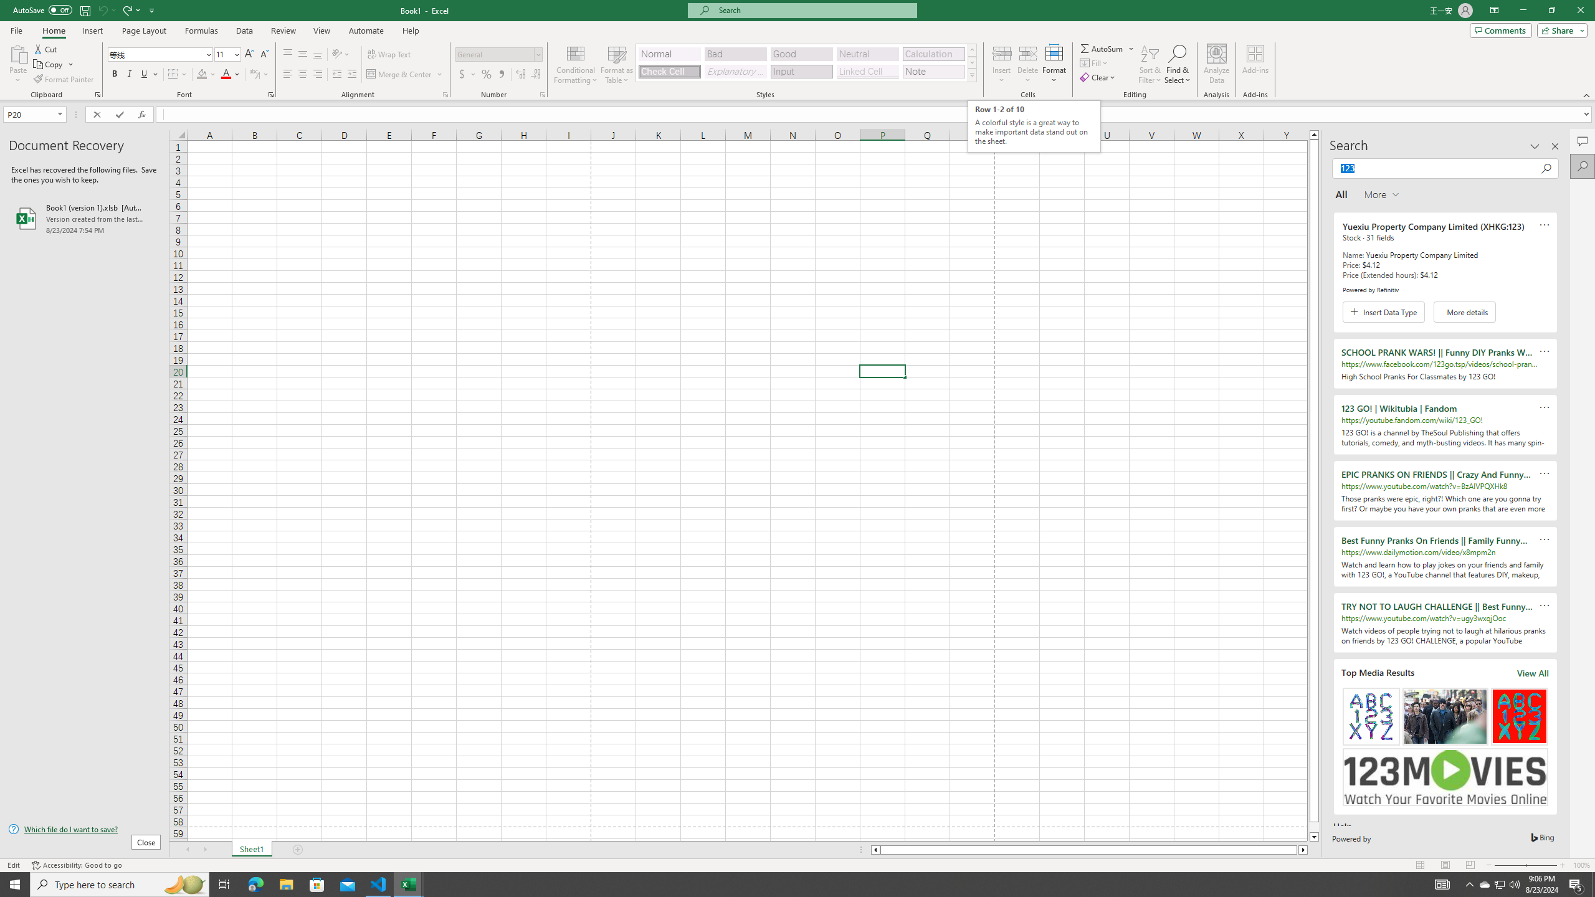  What do you see at coordinates (1102, 48) in the screenshot?
I see `'Sum'` at bounding box center [1102, 48].